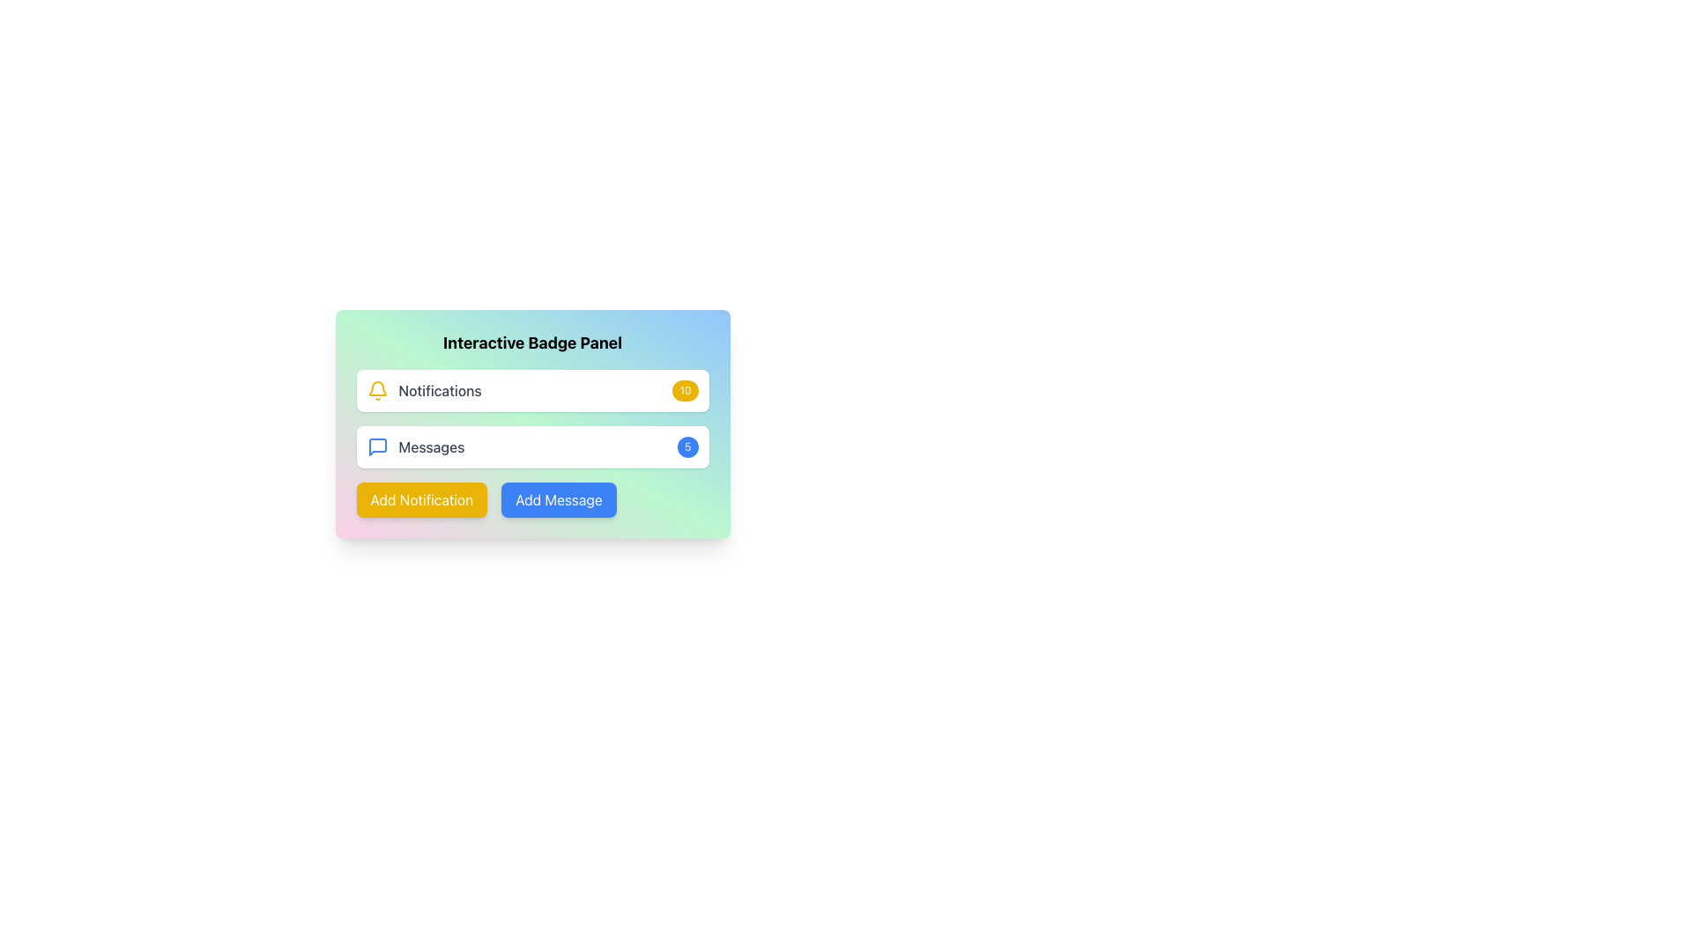 The width and height of the screenshot is (1692, 951). Describe the element at coordinates (686, 446) in the screenshot. I see `the circular blue badge displaying the number '5', located inside the 'Messages' box at the far right of the row` at that location.